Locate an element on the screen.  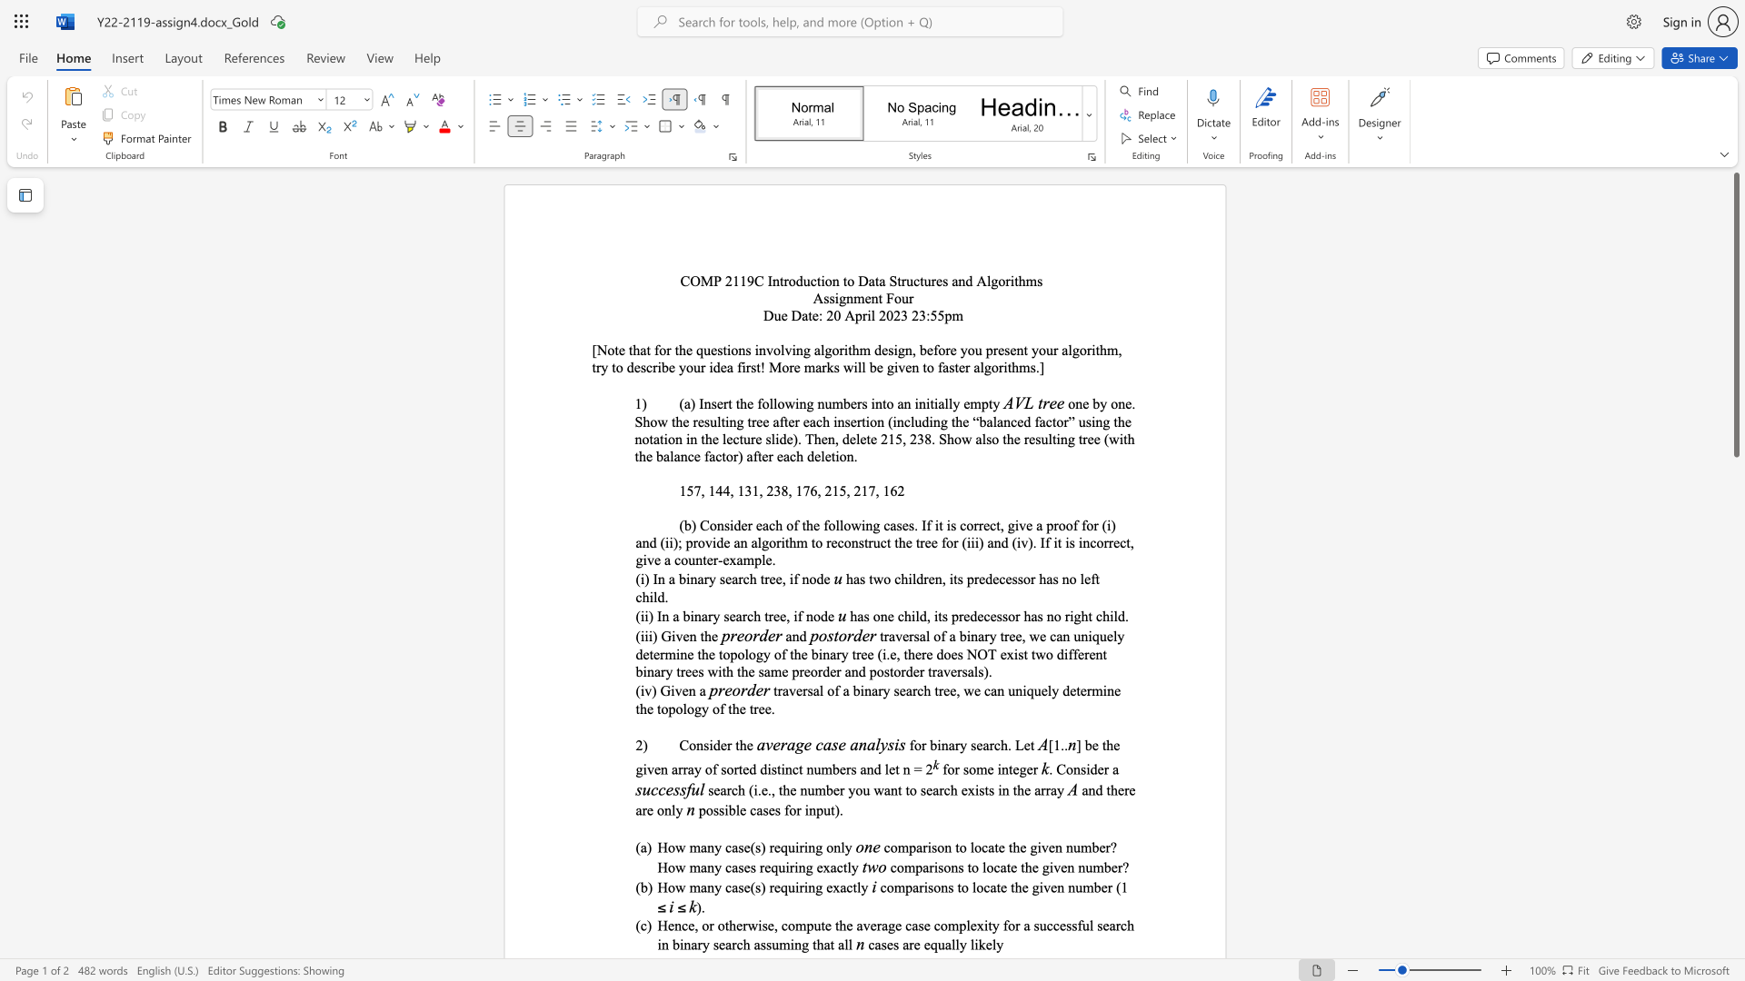
the scrollbar to move the view down is located at coordinates (1735, 861).